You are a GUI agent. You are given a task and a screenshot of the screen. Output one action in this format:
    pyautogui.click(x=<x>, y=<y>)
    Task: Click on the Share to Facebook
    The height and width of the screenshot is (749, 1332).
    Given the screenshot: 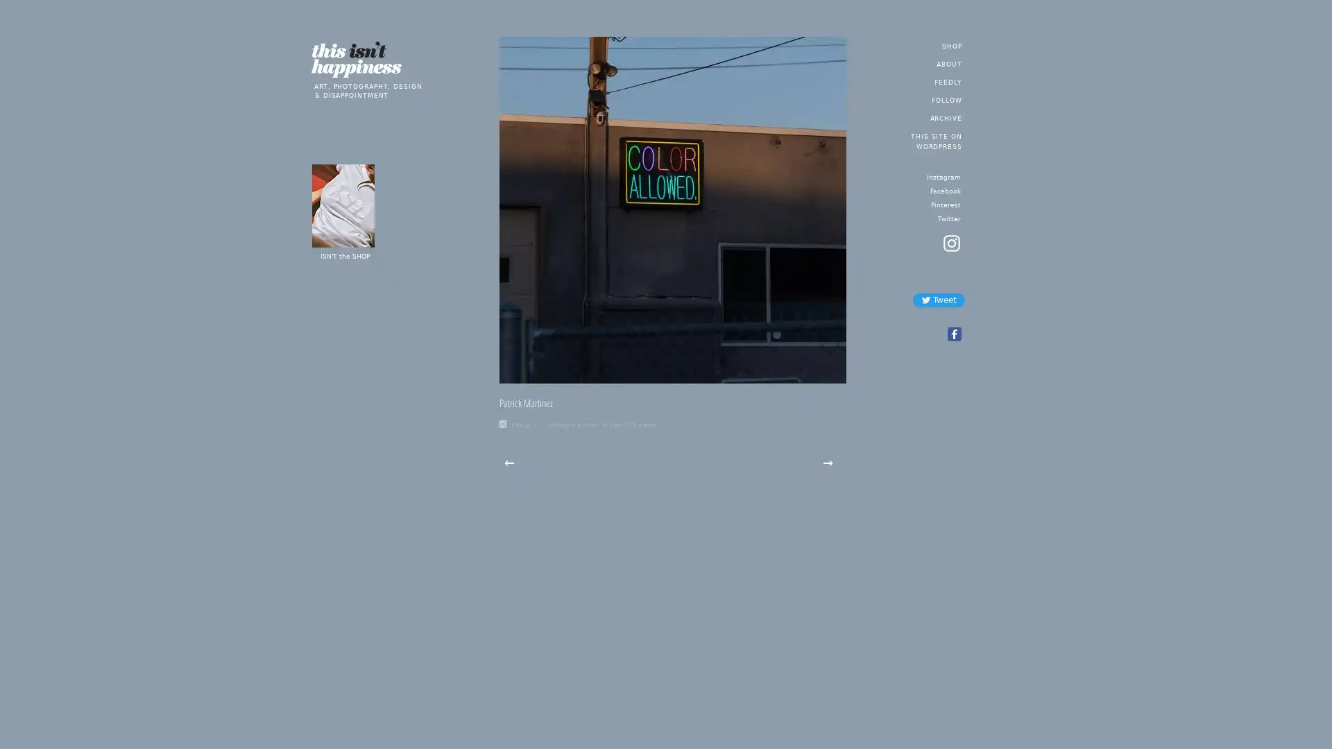 What is the action you would take?
    pyautogui.click(x=953, y=334)
    